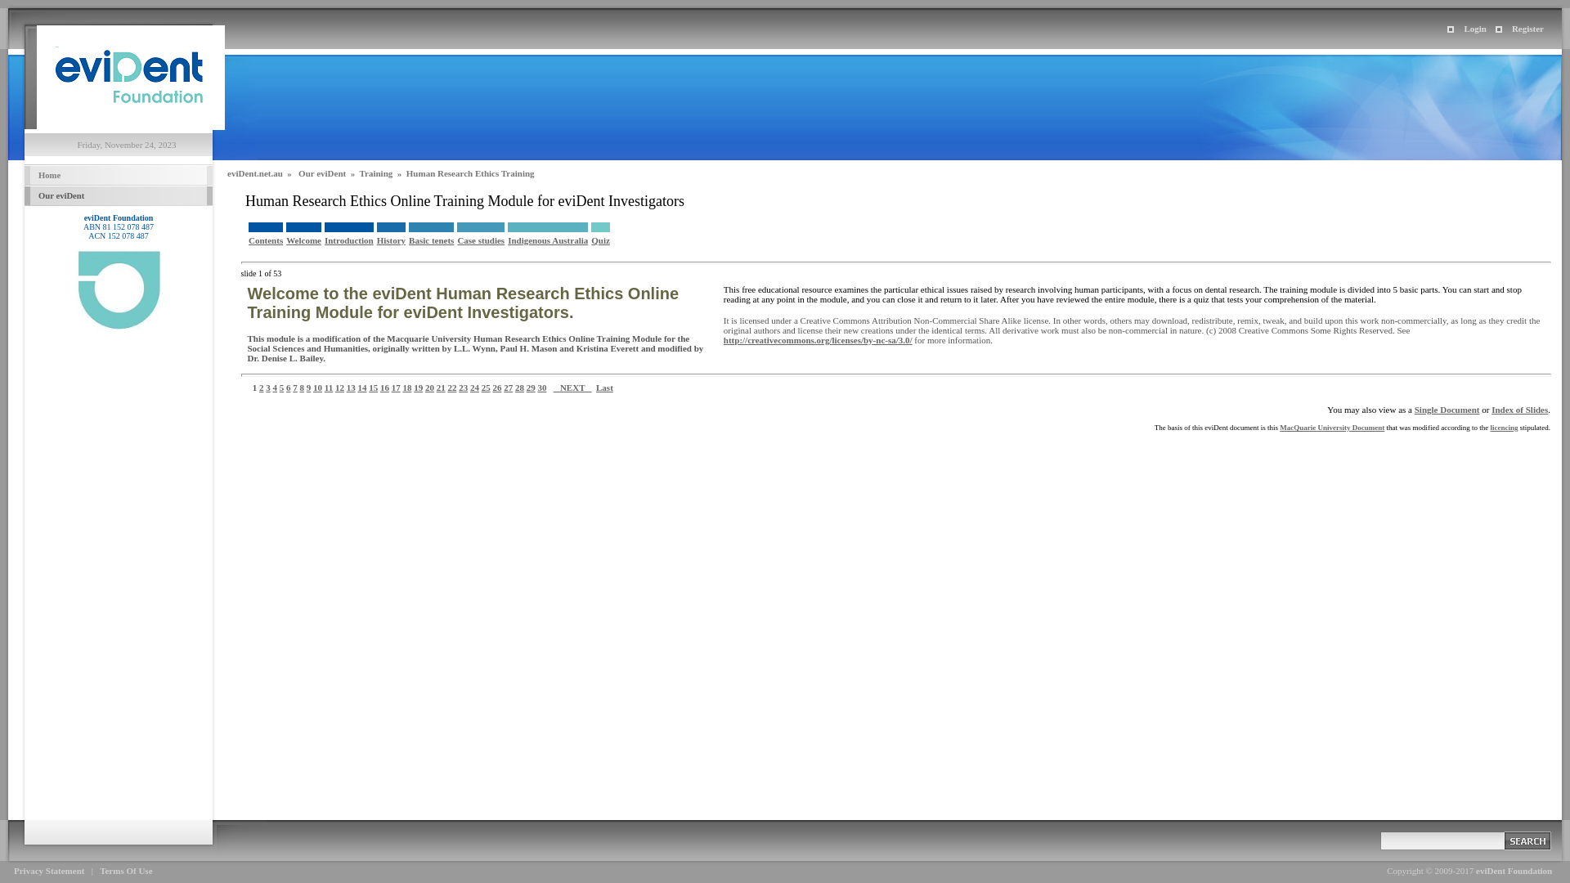 The height and width of the screenshot is (883, 1570). I want to click on 'Basic tenets', so click(431, 240).